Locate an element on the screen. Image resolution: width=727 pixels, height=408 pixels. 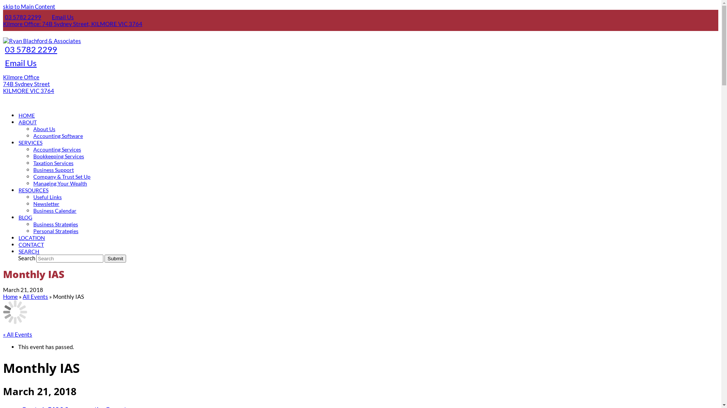
'03 5782 2299' is located at coordinates (22, 17).